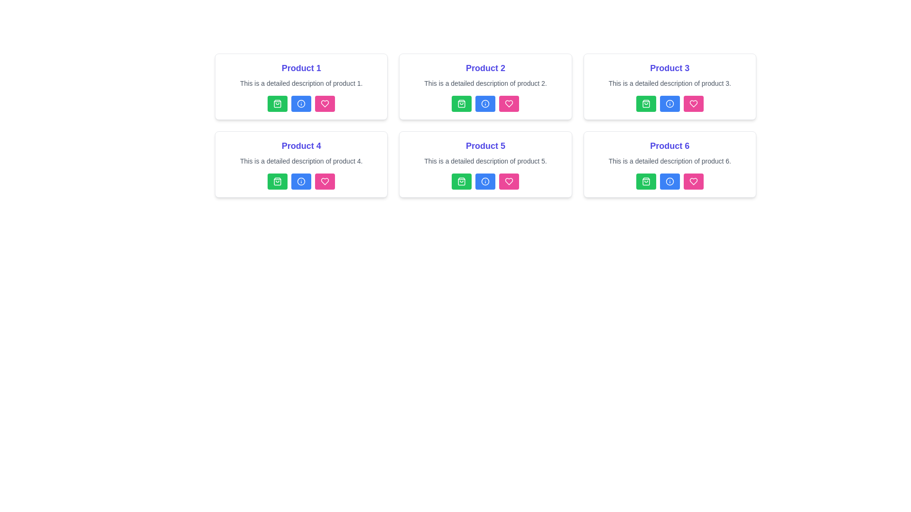 The width and height of the screenshot is (911, 512). What do you see at coordinates (301, 181) in the screenshot?
I see `the circular icon with a blue outline located within the action buttons of the 'Product 4' card` at bounding box center [301, 181].